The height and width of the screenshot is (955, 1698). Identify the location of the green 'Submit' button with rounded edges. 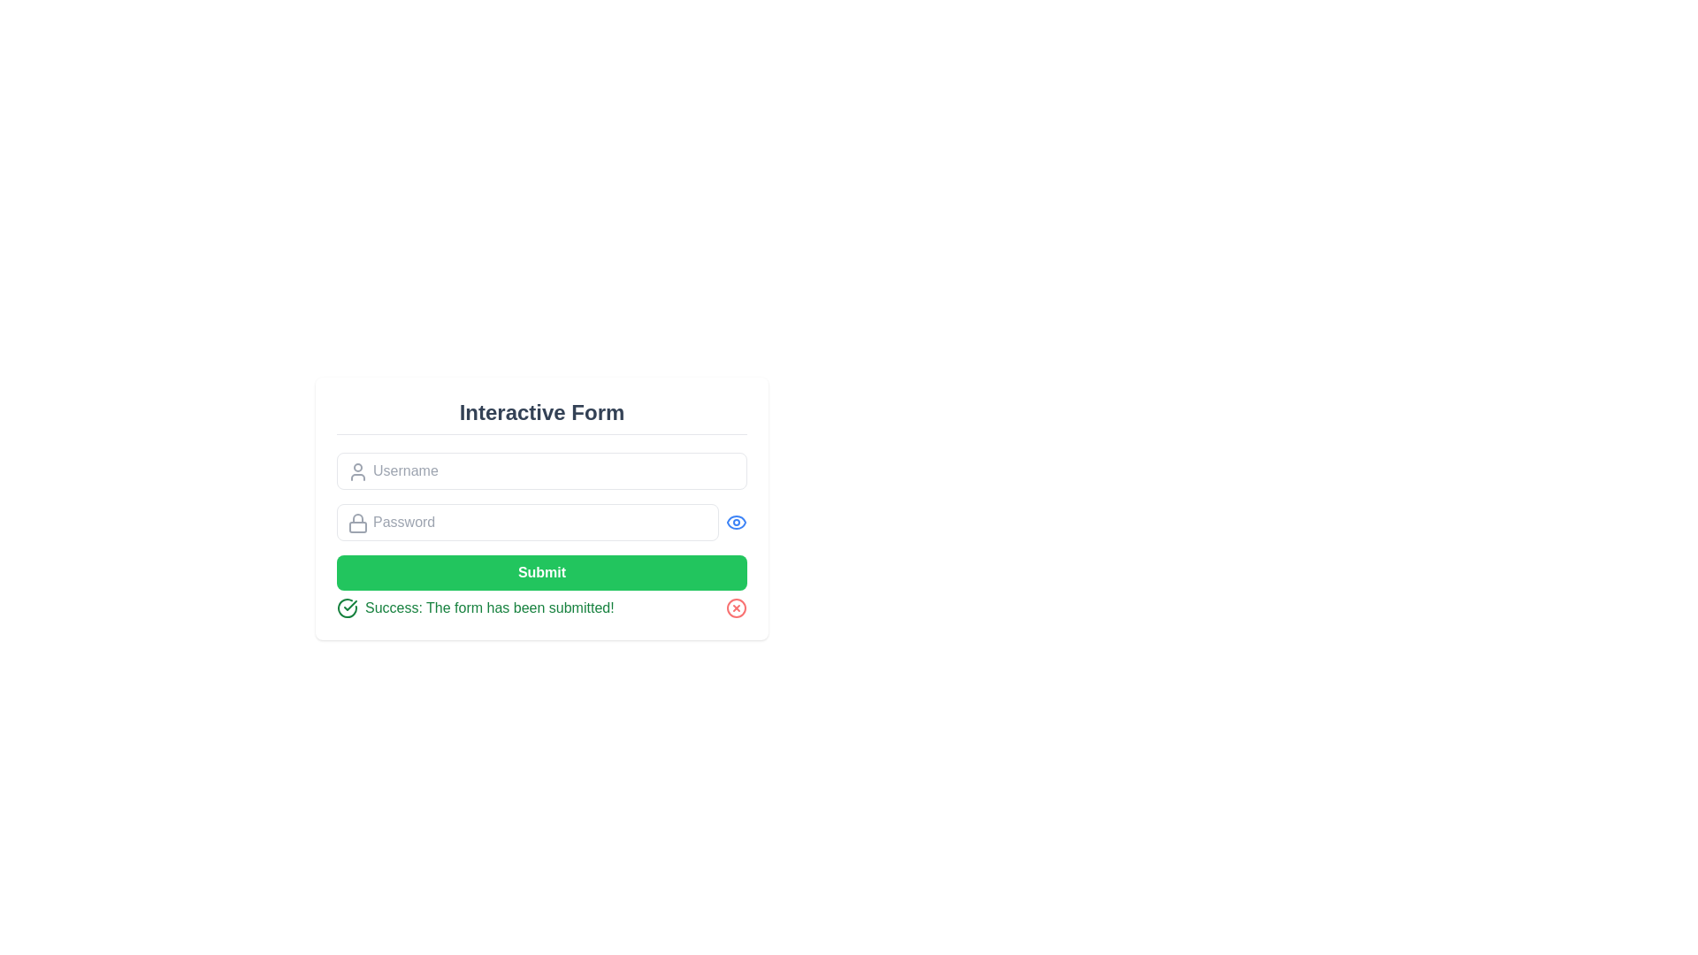
(541, 570).